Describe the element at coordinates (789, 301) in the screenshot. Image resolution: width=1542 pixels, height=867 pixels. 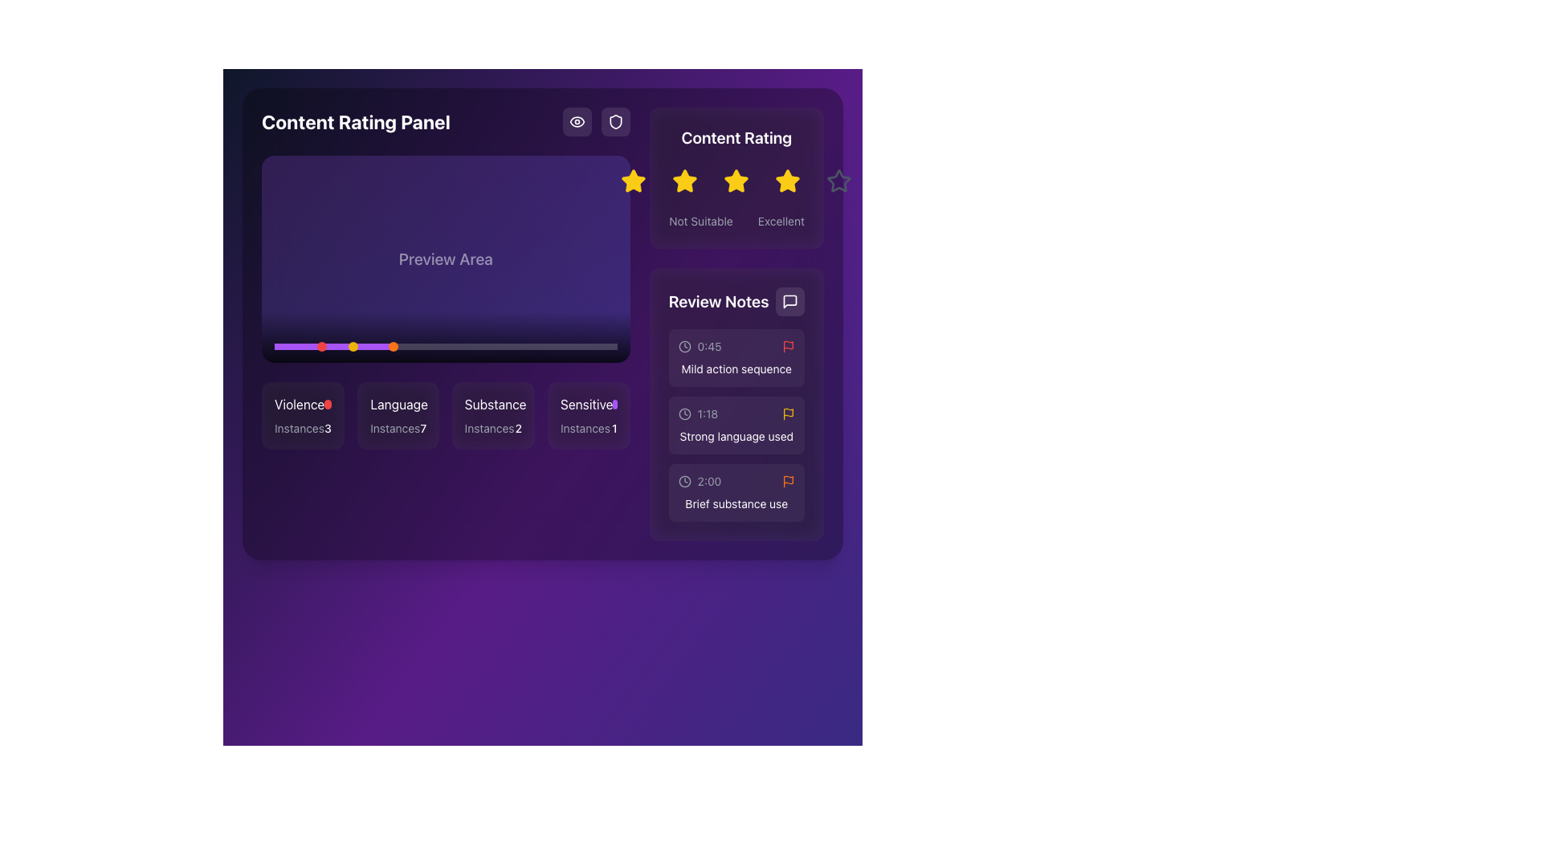
I see `the chat message bubble icon in the Review Notes section, which is styled with a purple filling and located in the top-right corner adjacent to timestamps and descriptions` at that location.